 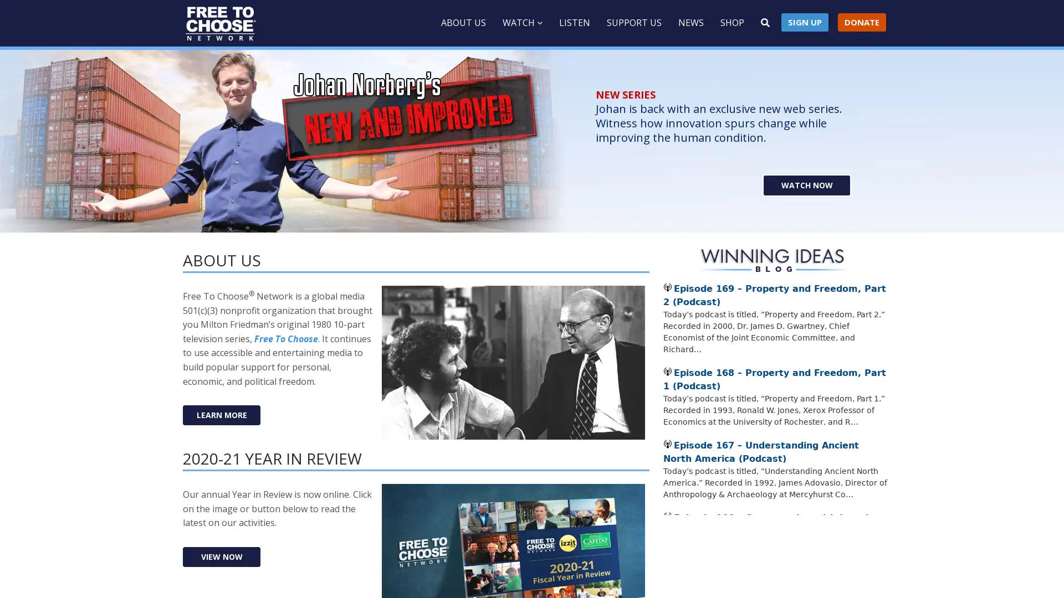 What do you see at coordinates (221, 415) in the screenshot?
I see `LEARN MORE` at bounding box center [221, 415].